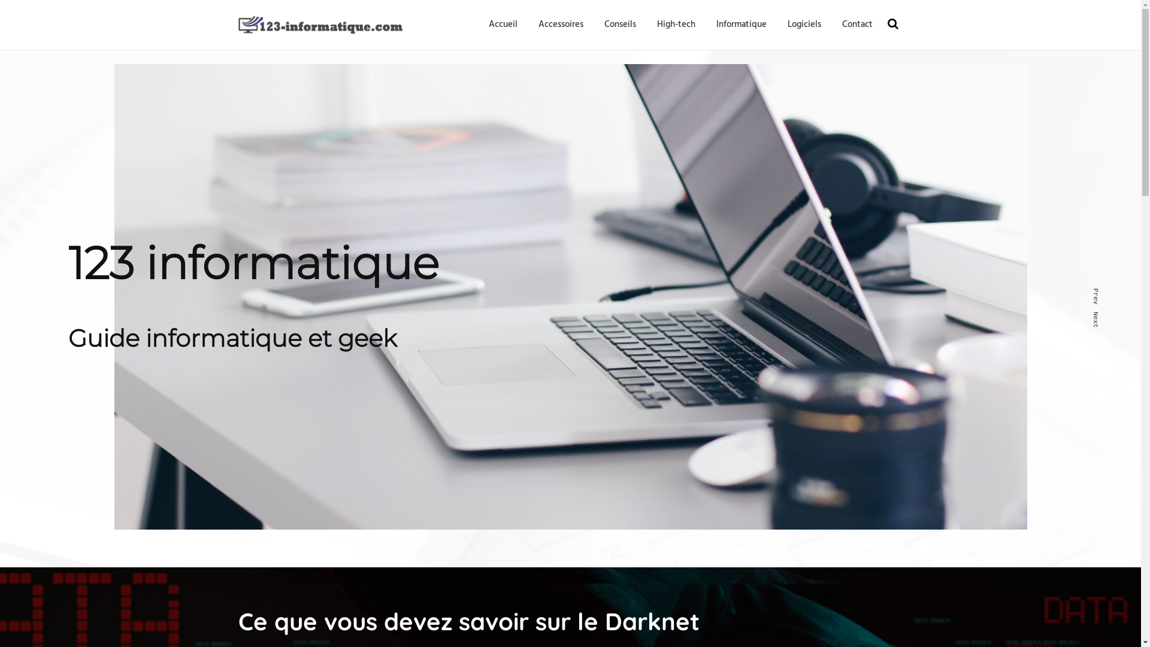  Describe the element at coordinates (716, 25) in the screenshot. I see `'Informatique'` at that location.